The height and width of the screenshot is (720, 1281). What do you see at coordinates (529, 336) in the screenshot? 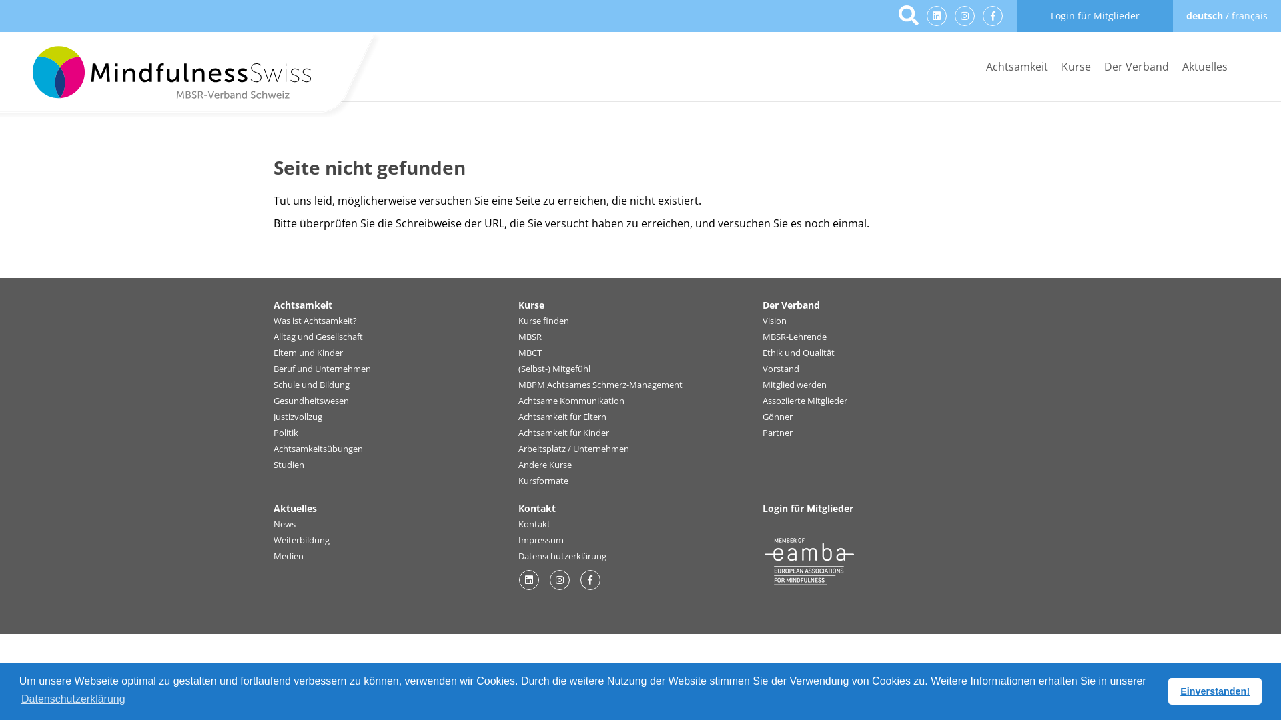
I see `'MBSR'` at bounding box center [529, 336].